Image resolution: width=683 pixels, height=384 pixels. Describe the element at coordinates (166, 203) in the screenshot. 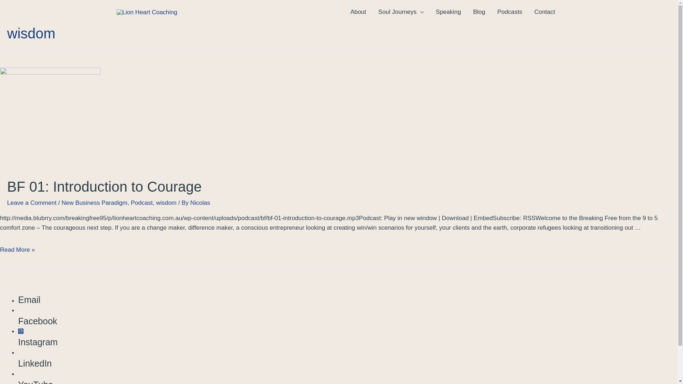

I see `'wisdom'` at that location.